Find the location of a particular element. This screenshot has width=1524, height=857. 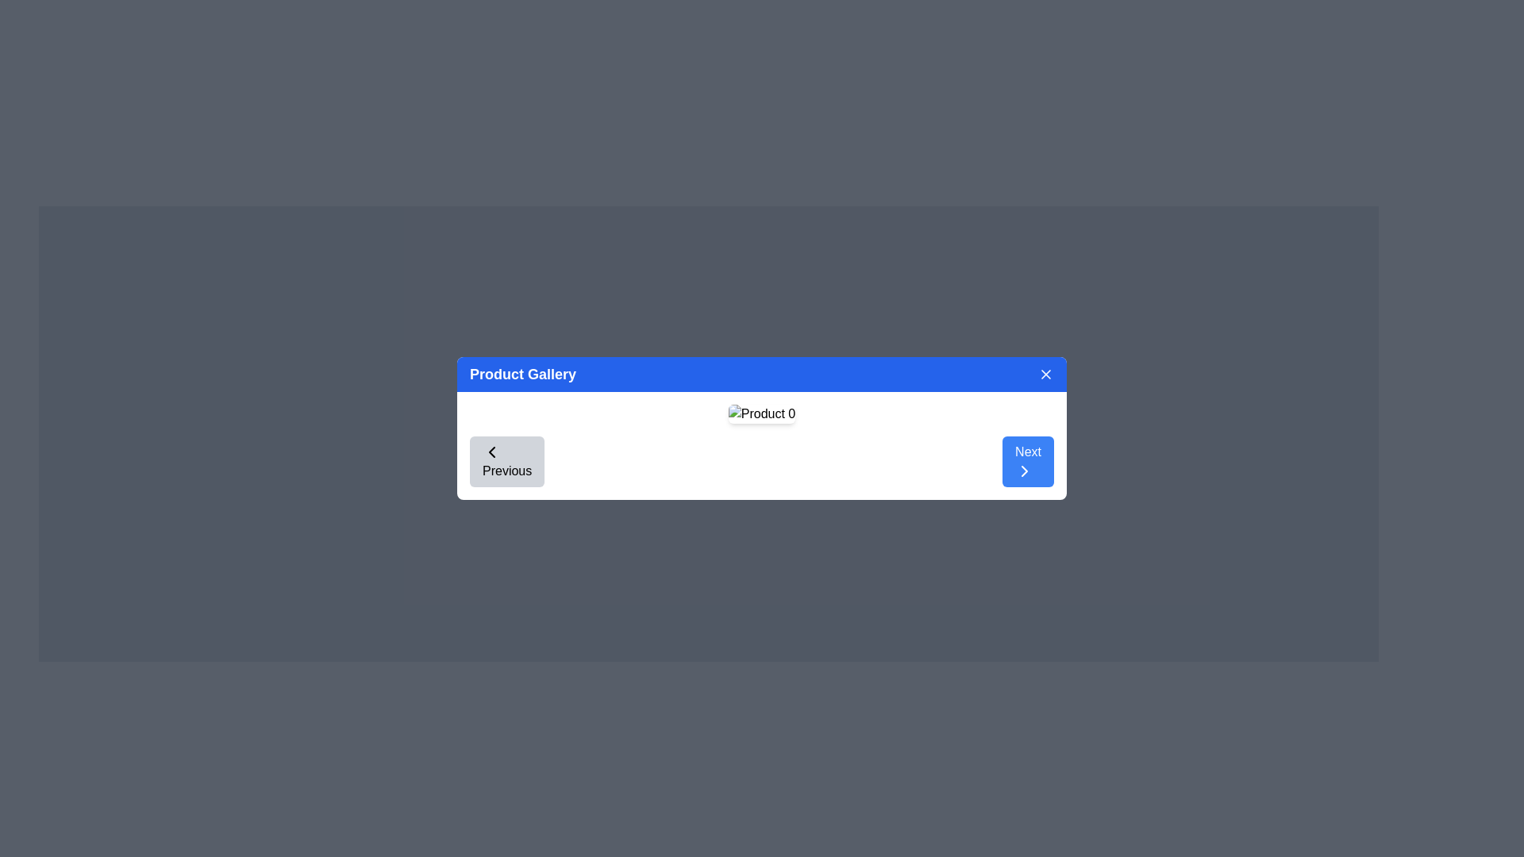

the forward navigation icon within the 'Next' button located at the bottom-right corner of the interface is located at coordinates (1025, 471).